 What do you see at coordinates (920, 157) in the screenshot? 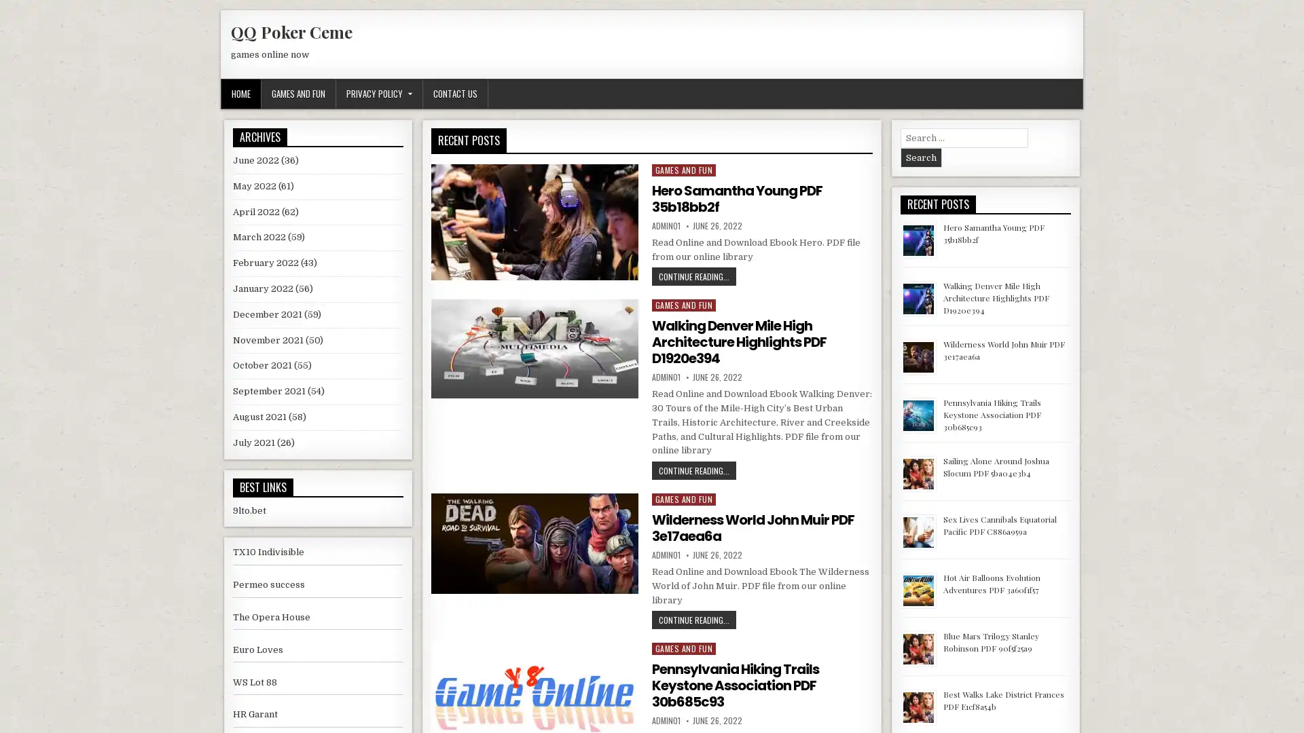
I see `Search` at bounding box center [920, 157].